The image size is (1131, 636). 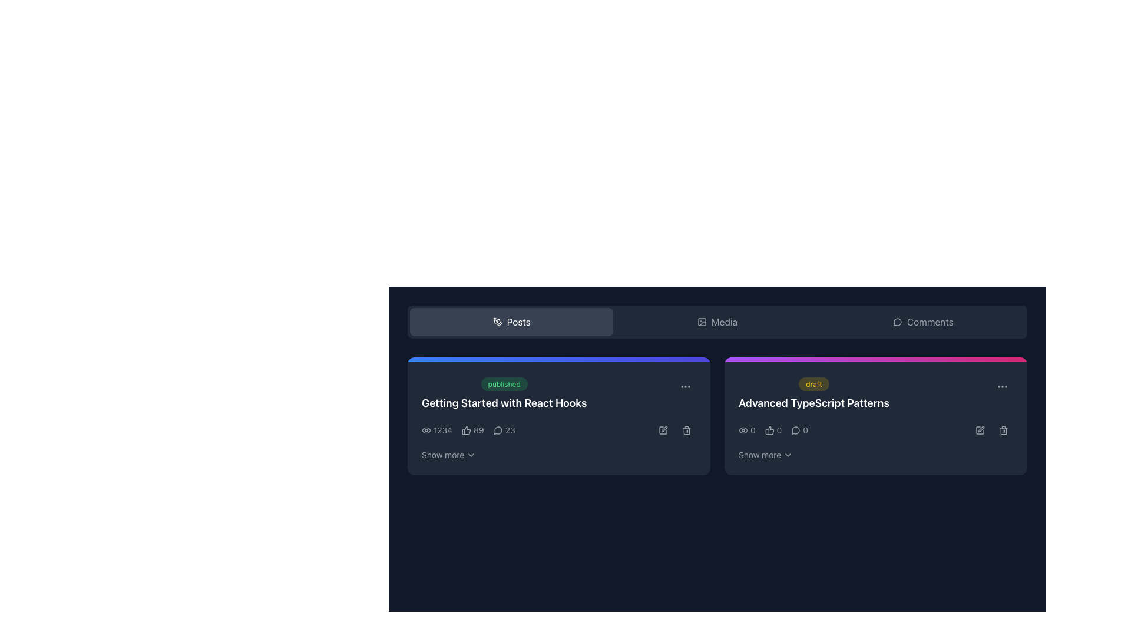 I want to click on the like icon with a numeric count indicator located in the second card titled 'Advanced TypeScript Patterns' on the right-hand side of the interface, so click(x=773, y=430).